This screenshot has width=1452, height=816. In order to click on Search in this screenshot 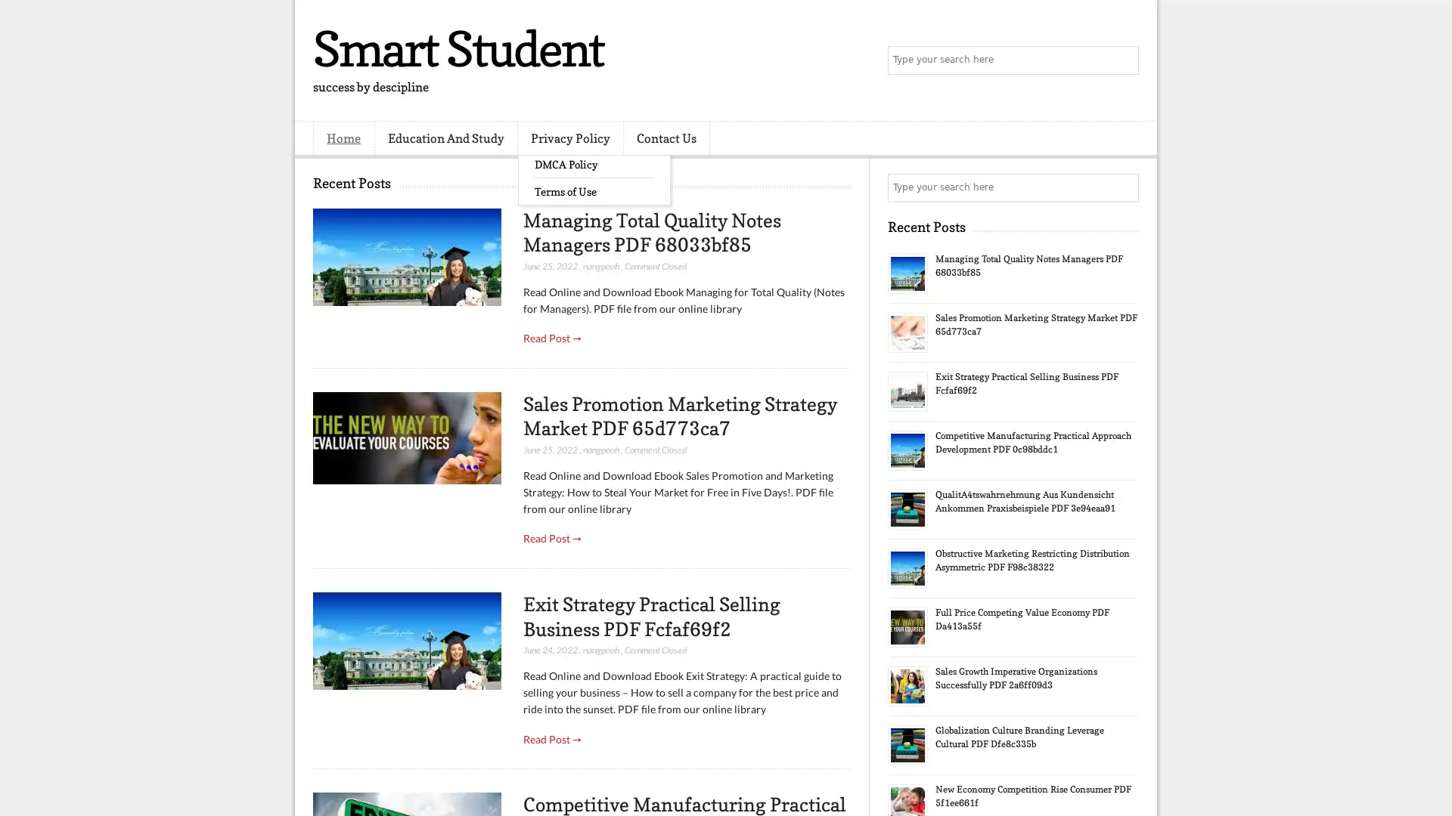, I will do `click(1123, 187)`.